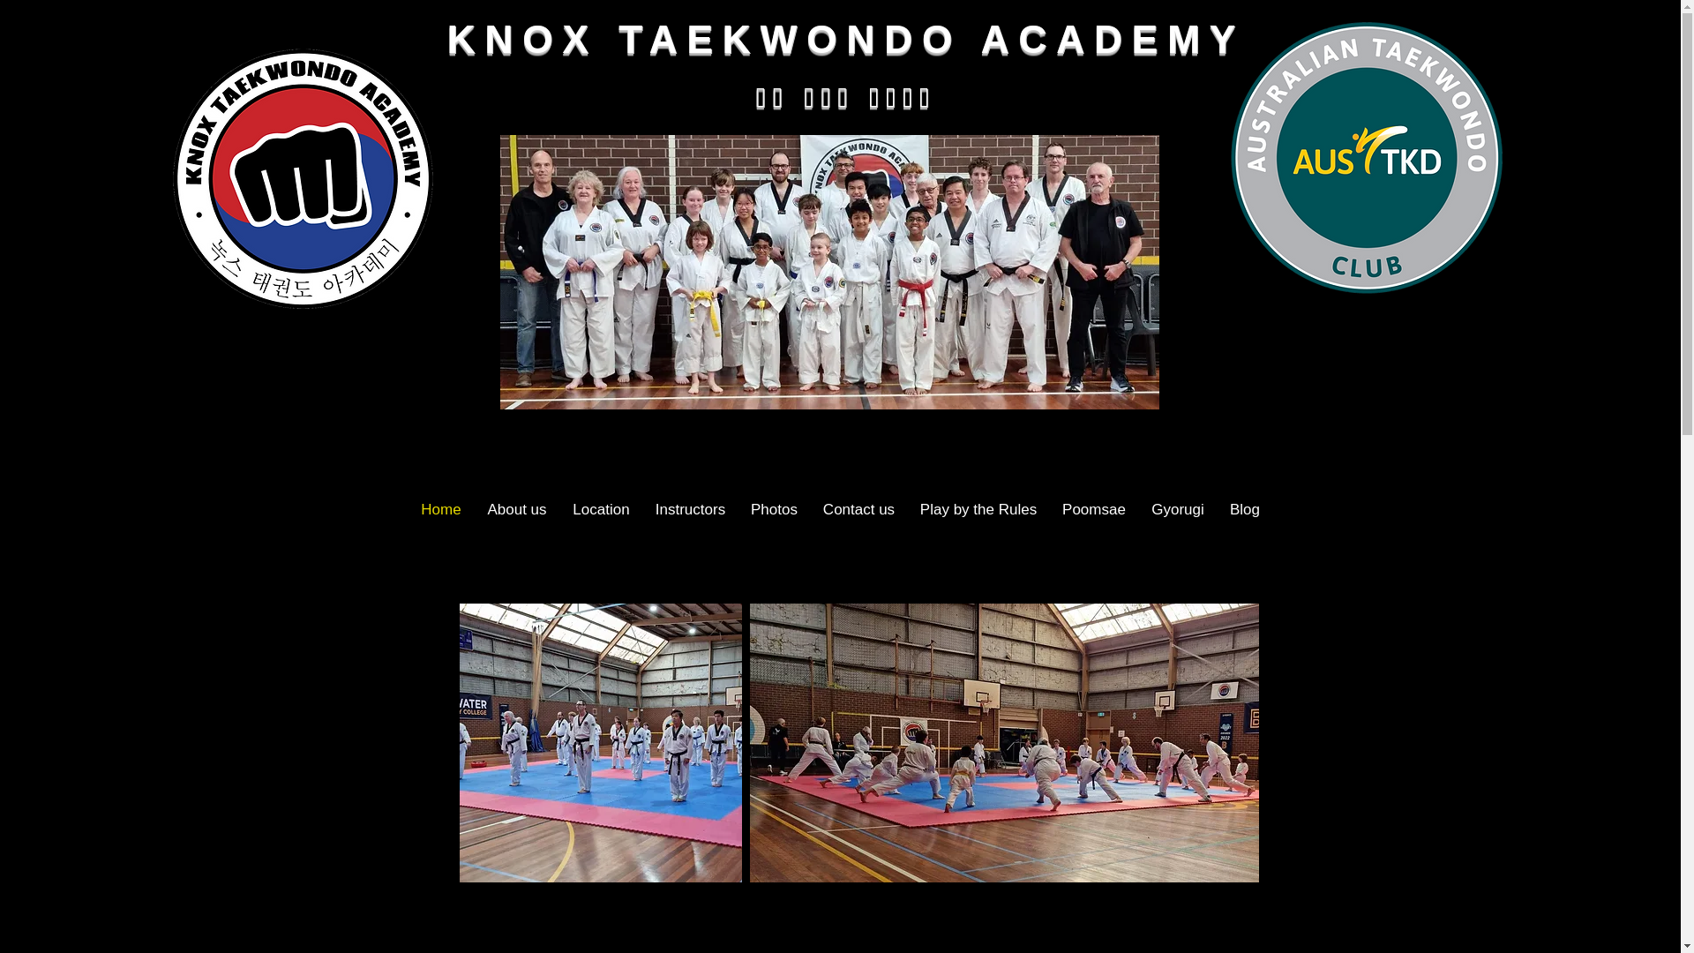 The height and width of the screenshot is (953, 1694). What do you see at coordinates (977, 510) in the screenshot?
I see `'Play by the Rules'` at bounding box center [977, 510].